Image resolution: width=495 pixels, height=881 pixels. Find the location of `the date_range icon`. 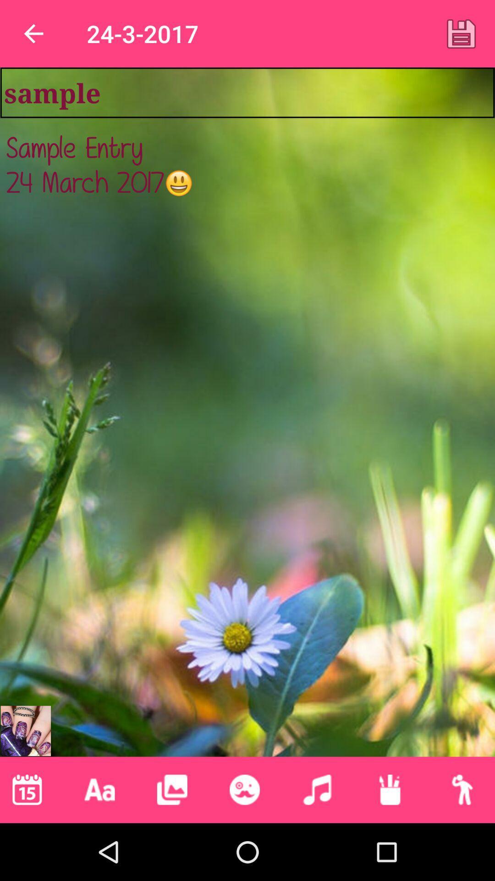

the date_range icon is located at coordinates (27, 789).